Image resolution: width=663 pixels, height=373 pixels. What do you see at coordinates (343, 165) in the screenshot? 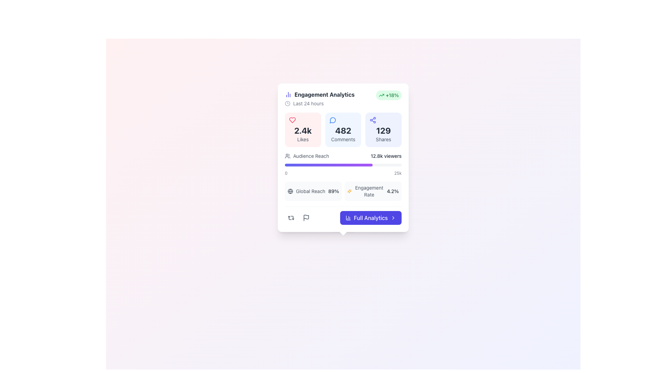
I see `the progression level visually on the horizontal progress bar with rounded edges, which is located beneath the '12.8k viewers' text and above the '0' and '25k' labels` at bounding box center [343, 165].